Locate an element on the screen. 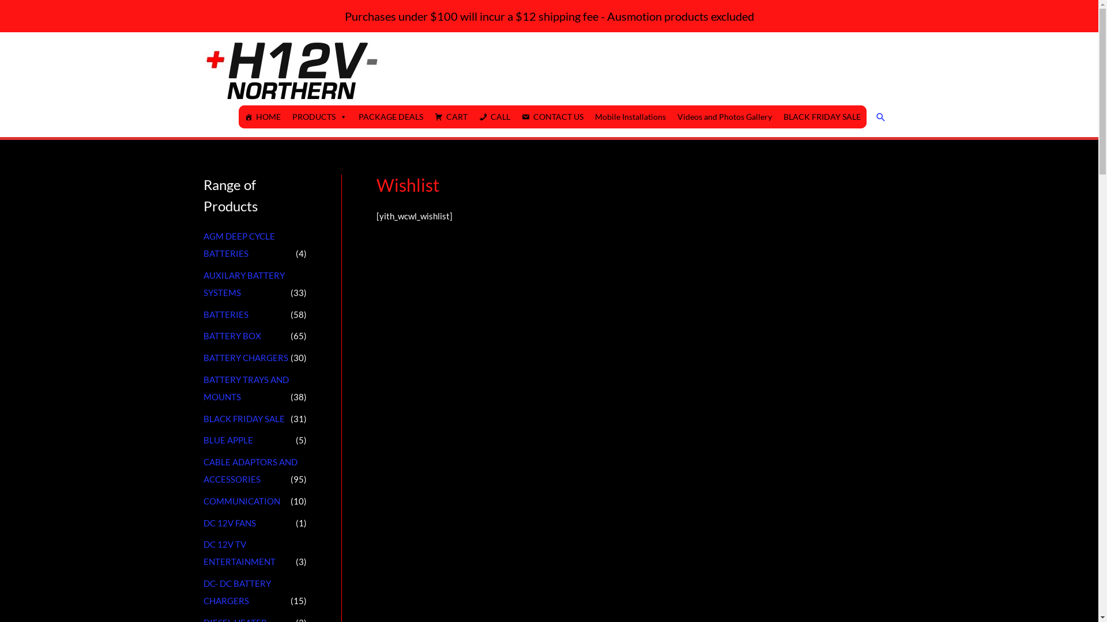 This screenshot has height=622, width=1107. 'BATTERIES' is located at coordinates (225, 314).